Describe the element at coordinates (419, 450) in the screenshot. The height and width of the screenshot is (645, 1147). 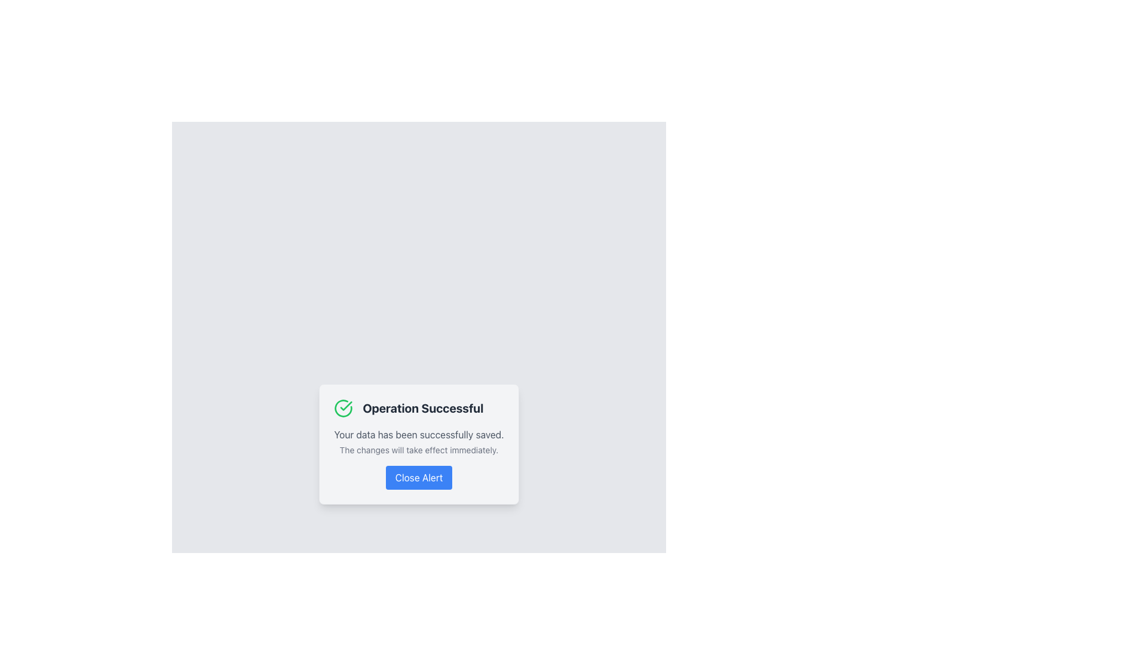
I see `additional information text that appears below the line 'Your data has been successfully saved.' in the notification box` at that location.